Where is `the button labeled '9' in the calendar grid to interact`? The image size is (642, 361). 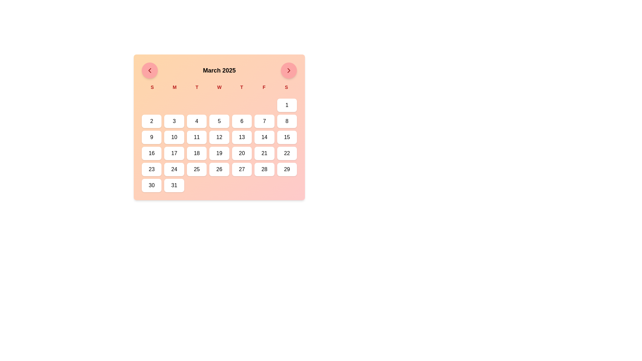 the button labeled '9' in the calendar grid to interact is located at coordinates (151, 137).